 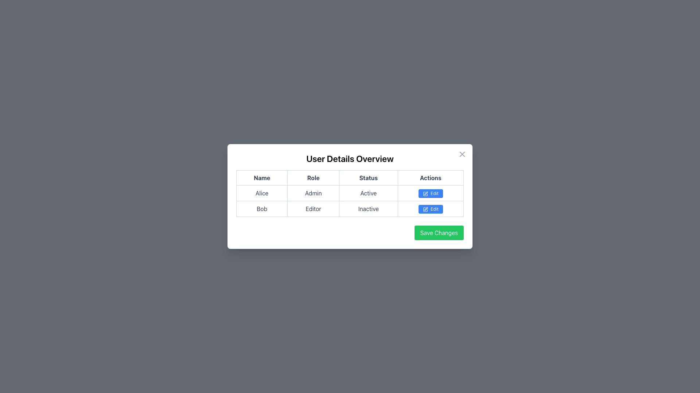 What do you see at coordinates (262, 209) in the screenshot?
I see `the text field displaying the name 'Bob' in the 'User Details Overview' table, which is located in the second row, first column of the grid layout` at bounding box center [262, 209].